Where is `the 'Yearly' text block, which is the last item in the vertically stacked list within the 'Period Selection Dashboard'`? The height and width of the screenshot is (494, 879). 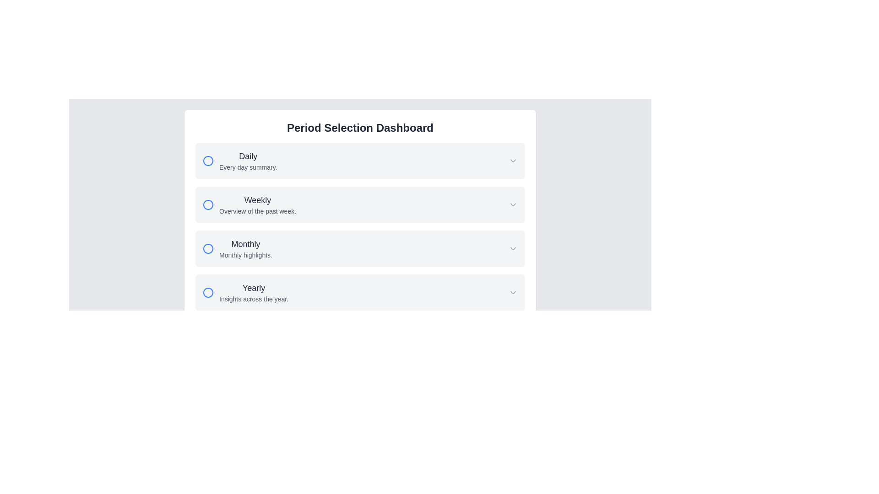
the 'Yearly' text block, which is the last item in the vertically stacked list within the 'Period Selection Dashboard' is located at coordinates (254, 293).